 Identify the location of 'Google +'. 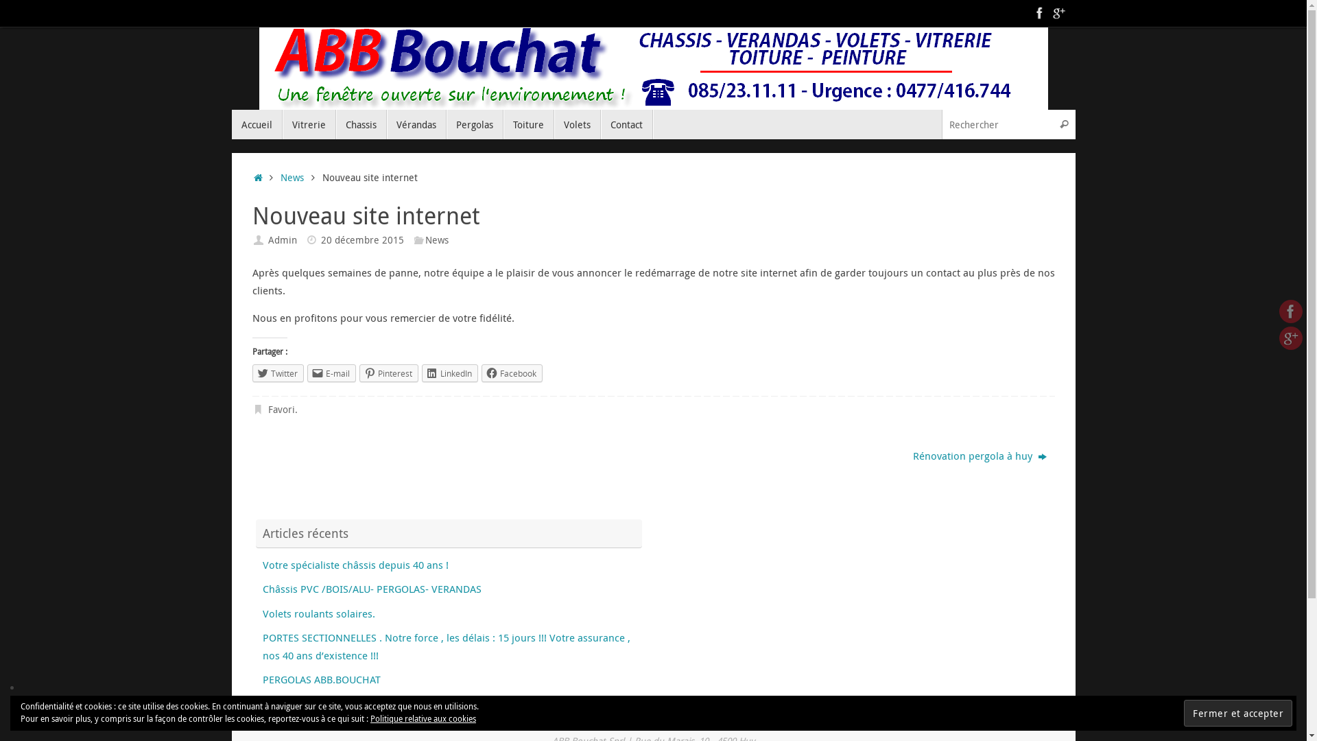
(1290, 338).